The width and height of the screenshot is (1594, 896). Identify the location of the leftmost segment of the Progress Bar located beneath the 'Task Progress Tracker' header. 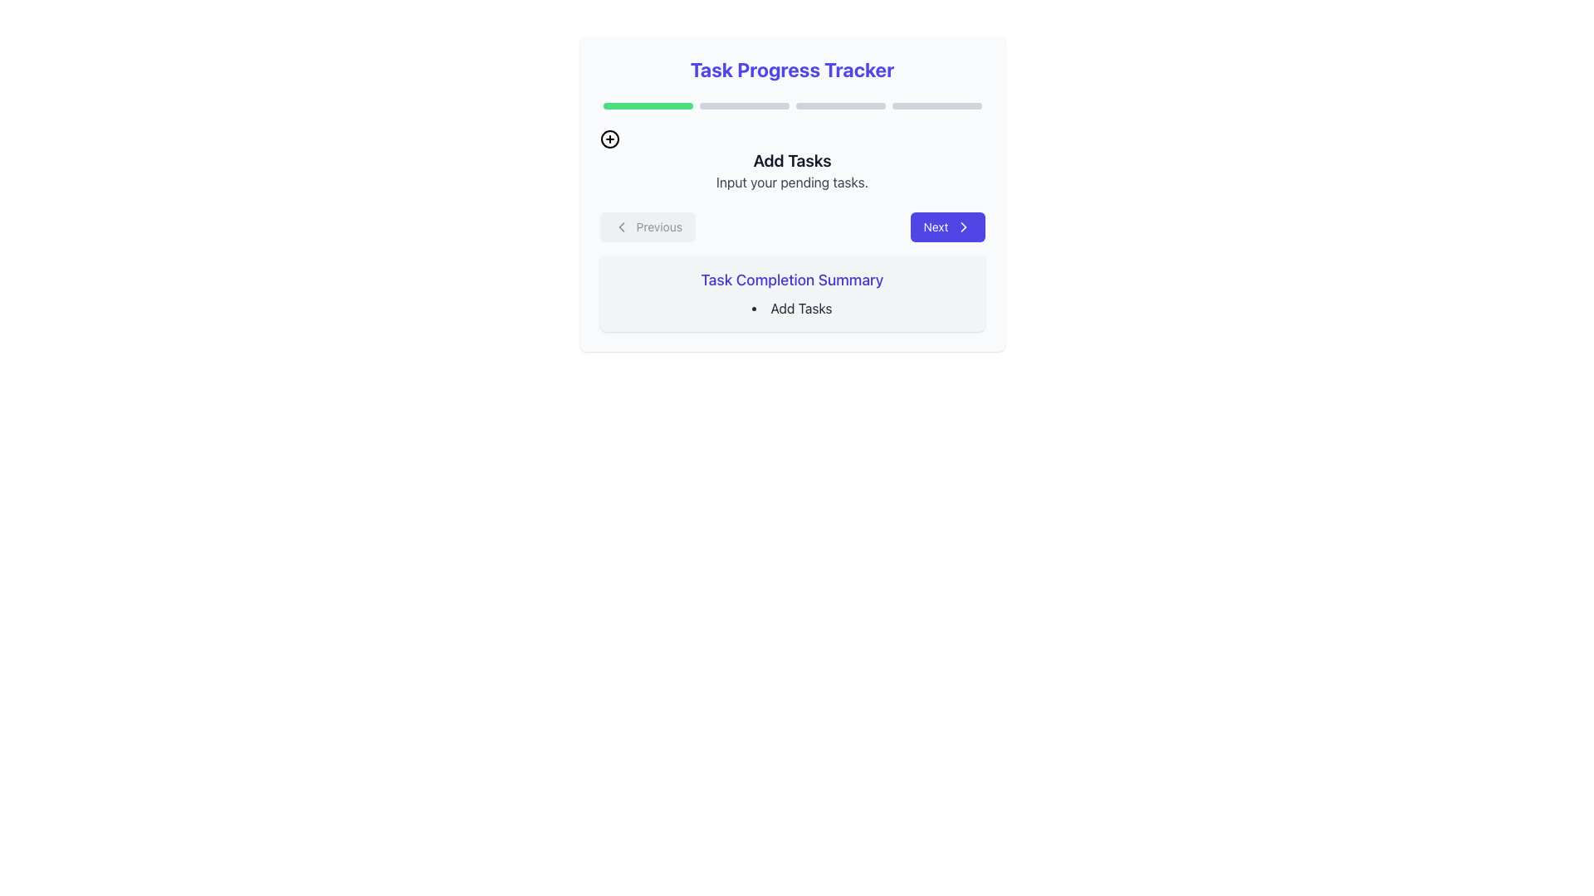
(647, 105).